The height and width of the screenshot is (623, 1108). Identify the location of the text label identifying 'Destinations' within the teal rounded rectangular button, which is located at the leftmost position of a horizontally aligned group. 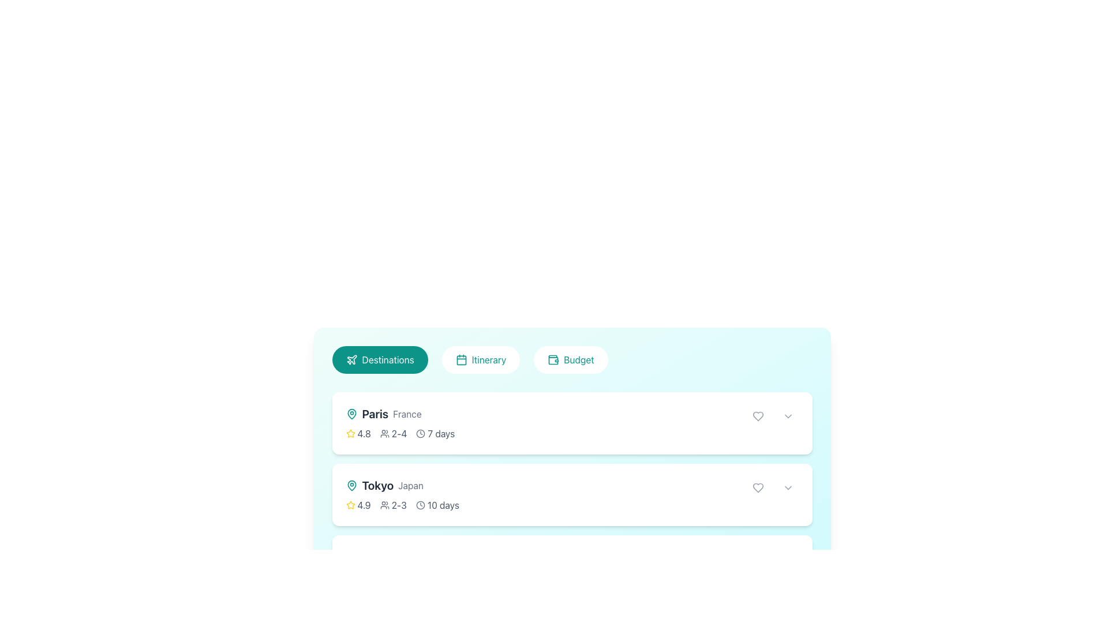
(388, 359).